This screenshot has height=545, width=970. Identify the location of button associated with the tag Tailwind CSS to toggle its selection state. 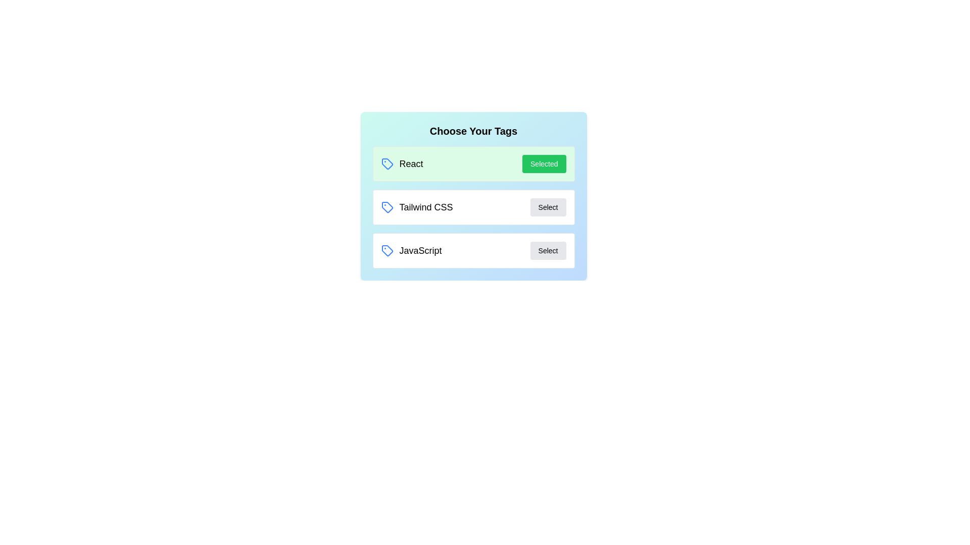
(547, 207).